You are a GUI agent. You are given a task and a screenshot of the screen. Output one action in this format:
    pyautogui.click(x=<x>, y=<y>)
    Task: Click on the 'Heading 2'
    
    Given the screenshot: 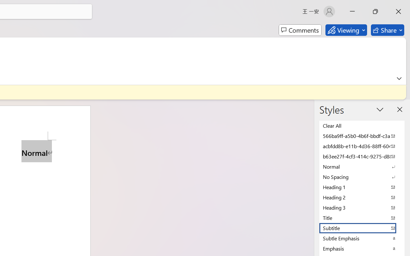 What is the action you would take?
    pyautogui.click(x=362, y=197)
    